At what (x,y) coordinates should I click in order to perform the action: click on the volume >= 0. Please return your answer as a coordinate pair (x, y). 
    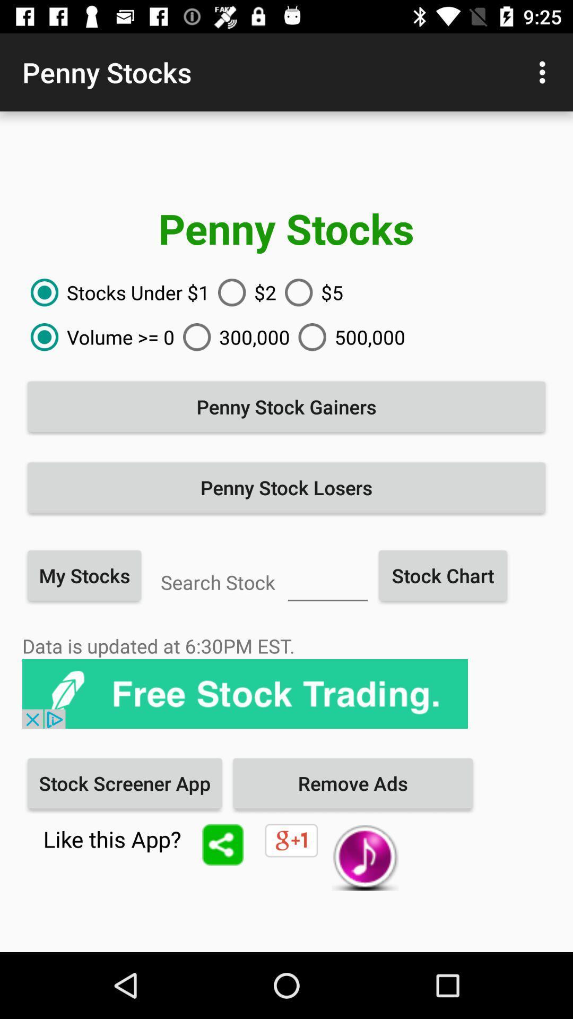
    Looking at the image, I should click on (98, 336).